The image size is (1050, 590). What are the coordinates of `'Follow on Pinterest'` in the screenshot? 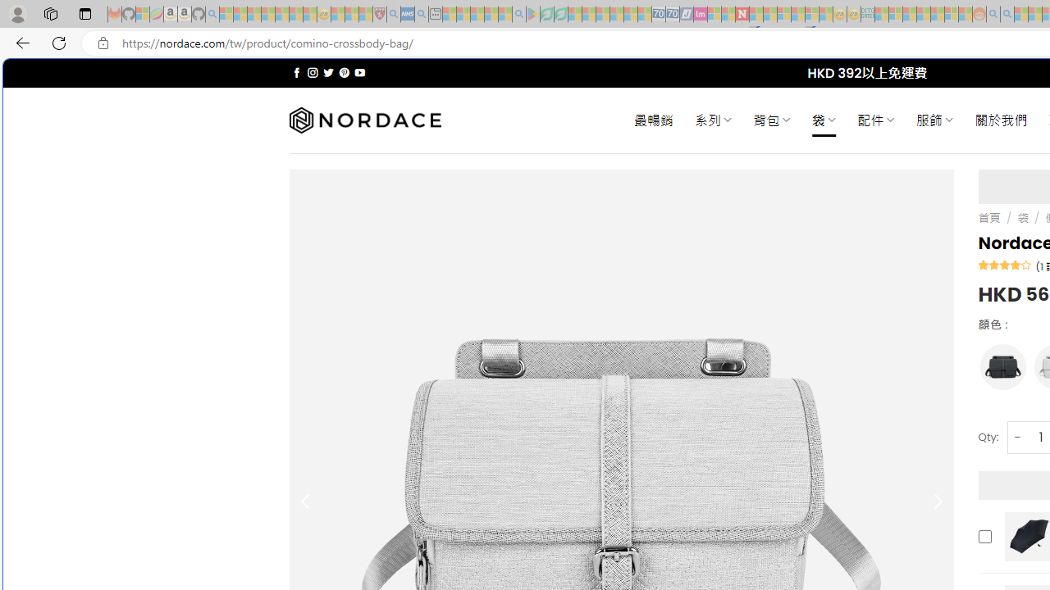 It's located at (343, 72).